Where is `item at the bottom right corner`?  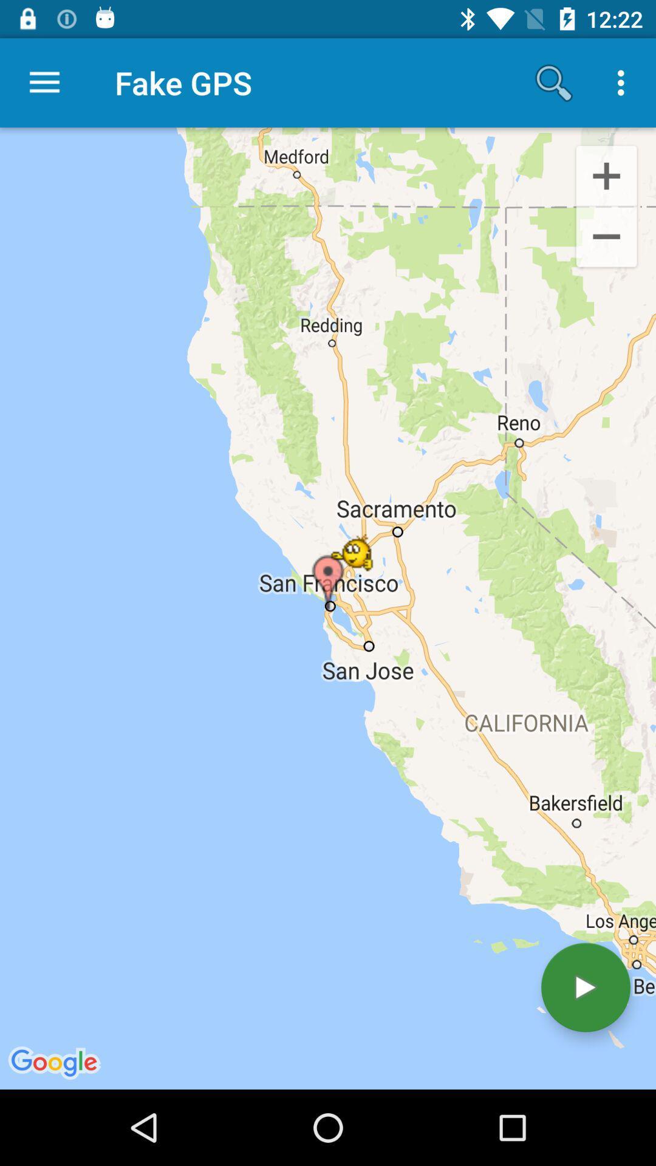
item at the bottom right corner is located at coordinates (585, 987).